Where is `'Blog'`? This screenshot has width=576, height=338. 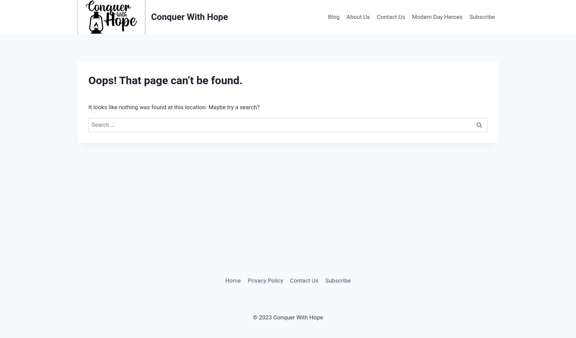 'Blog' is located at coordinates (333, 17).